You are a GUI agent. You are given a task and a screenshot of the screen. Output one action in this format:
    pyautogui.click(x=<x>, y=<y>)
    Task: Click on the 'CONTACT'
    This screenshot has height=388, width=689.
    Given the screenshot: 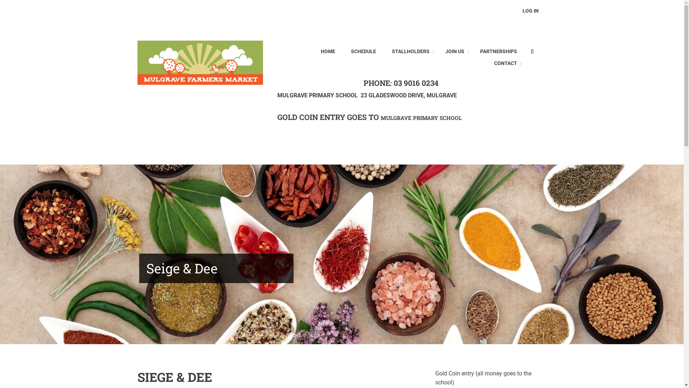 What is the action you would take?
    pyautogui.click(x=505, y=63)
    